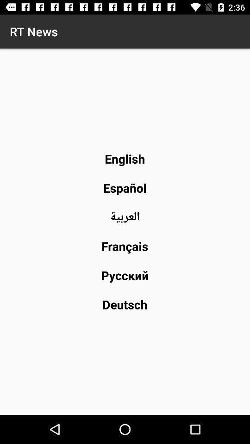  I want to click on english, so click(125, 159).